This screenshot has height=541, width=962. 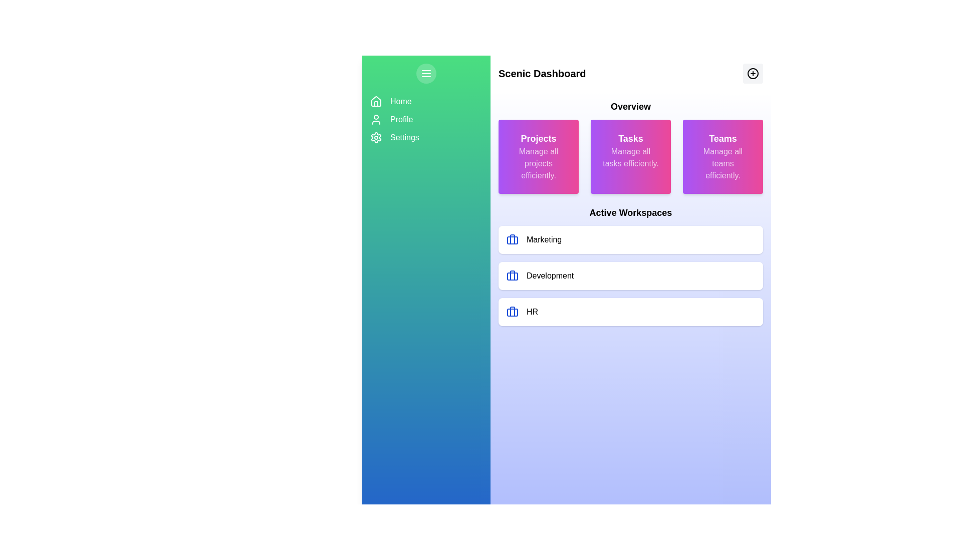 I want to click on the 'Settings' text label in the vertical navigation sidebar for keyboard navigation, so click(x=404, y=137).